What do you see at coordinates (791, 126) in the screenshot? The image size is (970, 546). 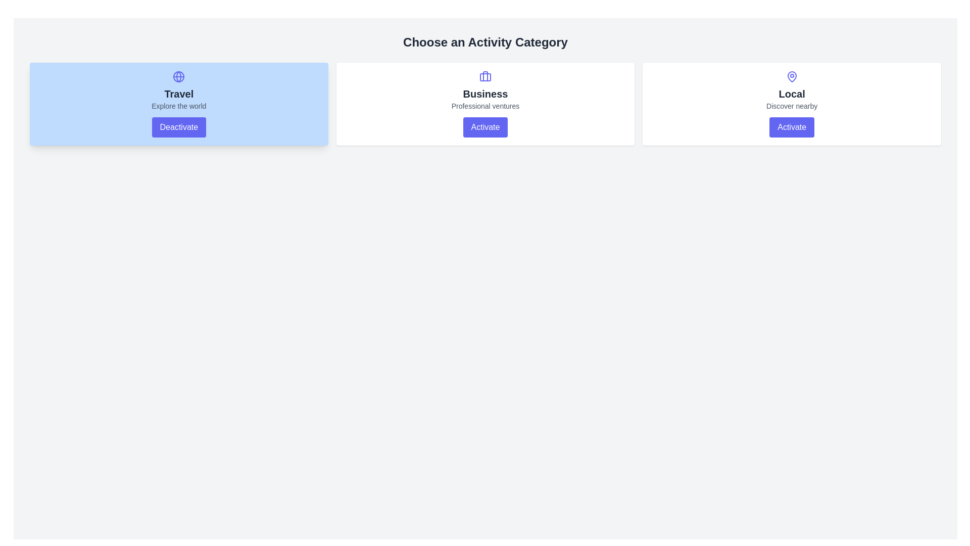 I see `the 'Activate' button located at the bottom center of the 'Local' card` at bounding box center [791, 126].